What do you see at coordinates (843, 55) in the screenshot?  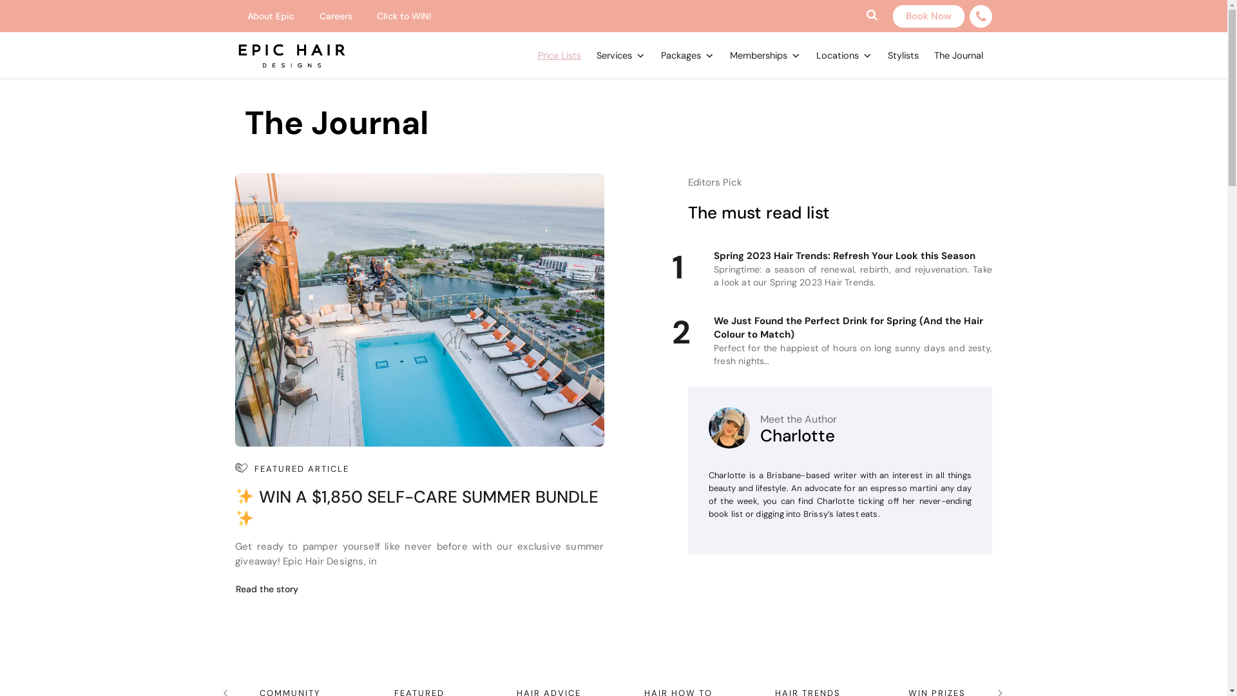 I see `'Locations'` at bounding box center [843, 55].